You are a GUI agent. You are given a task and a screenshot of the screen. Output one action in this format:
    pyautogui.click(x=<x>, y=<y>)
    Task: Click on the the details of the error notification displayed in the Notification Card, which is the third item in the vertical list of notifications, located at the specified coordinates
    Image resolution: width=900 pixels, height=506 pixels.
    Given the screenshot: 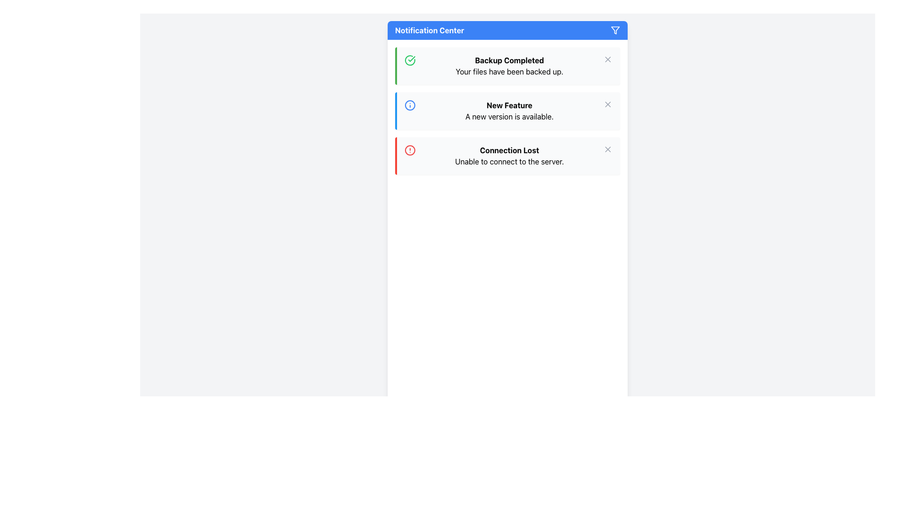 What is the action you would take?
    pyautogui.click(x=507, y=155)
    